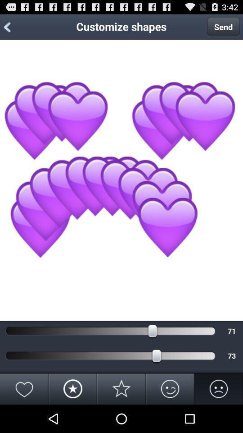 The height and width of the screenshot is (433, 243). Describe the element at coordinates (121, 416) in the screenshot. I see `the star icon` at that location.